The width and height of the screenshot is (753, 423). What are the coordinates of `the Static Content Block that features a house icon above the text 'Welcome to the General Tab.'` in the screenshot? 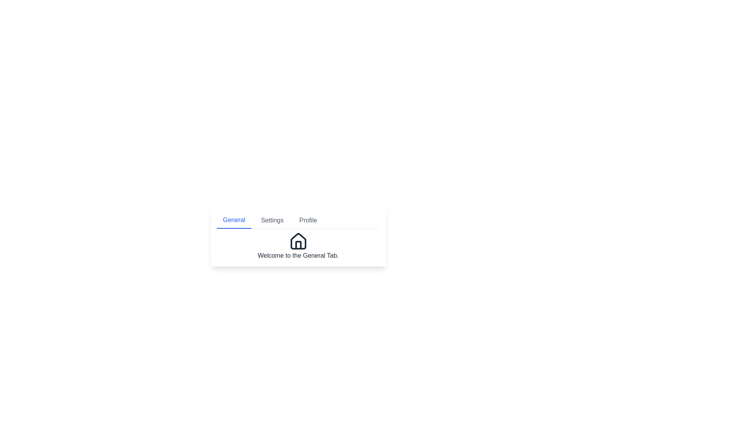 It's located at (298, 246).